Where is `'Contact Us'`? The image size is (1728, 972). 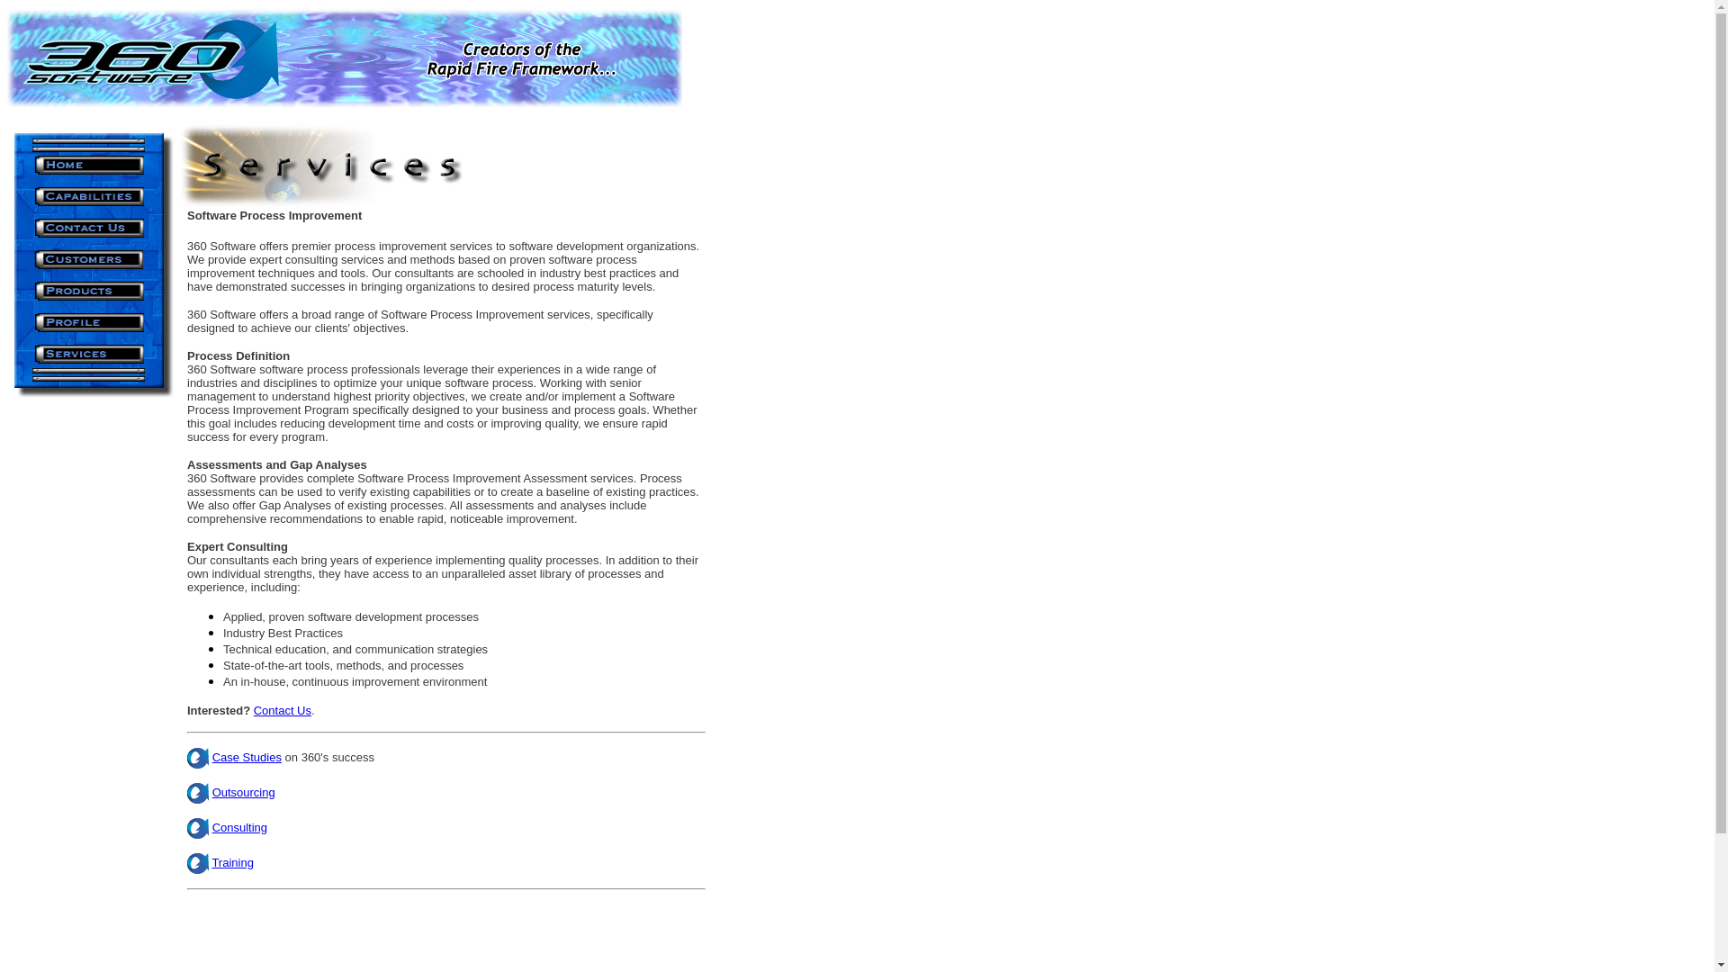
'Contact Us' is located at coordinates (253, 709).